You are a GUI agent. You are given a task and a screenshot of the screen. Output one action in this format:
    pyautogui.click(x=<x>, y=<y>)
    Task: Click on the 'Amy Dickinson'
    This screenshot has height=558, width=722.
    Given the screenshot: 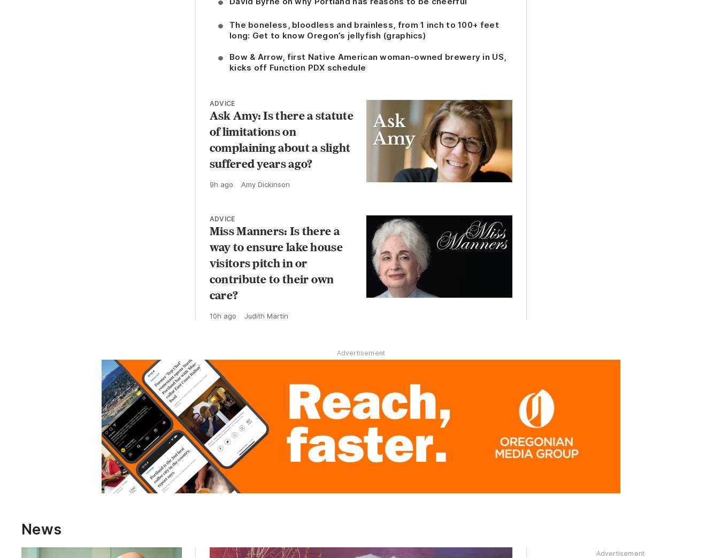 What is the action you would take?
    pyautogui.click(x=264, y=184)
    